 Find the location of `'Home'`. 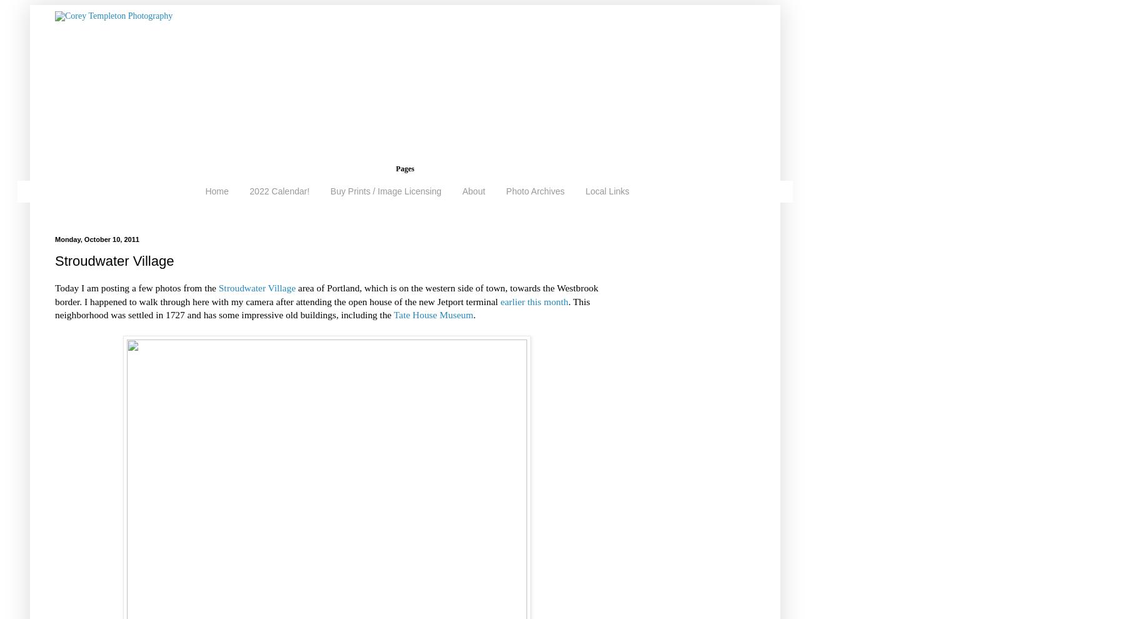

'Home' is located at coordinates (216, 191).